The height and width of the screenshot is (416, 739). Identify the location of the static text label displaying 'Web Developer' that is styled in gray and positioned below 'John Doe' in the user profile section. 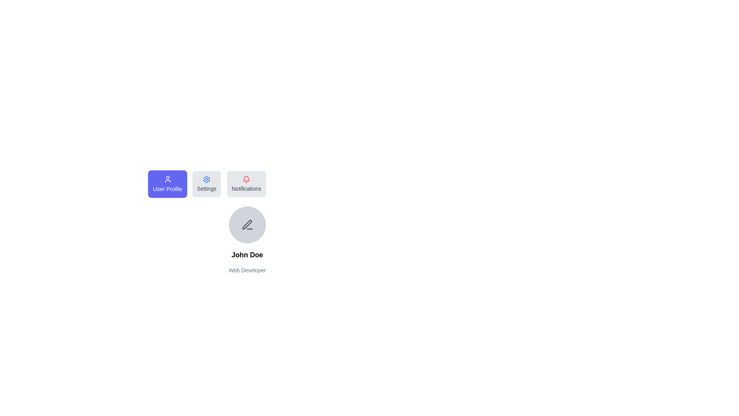
(247, 270).